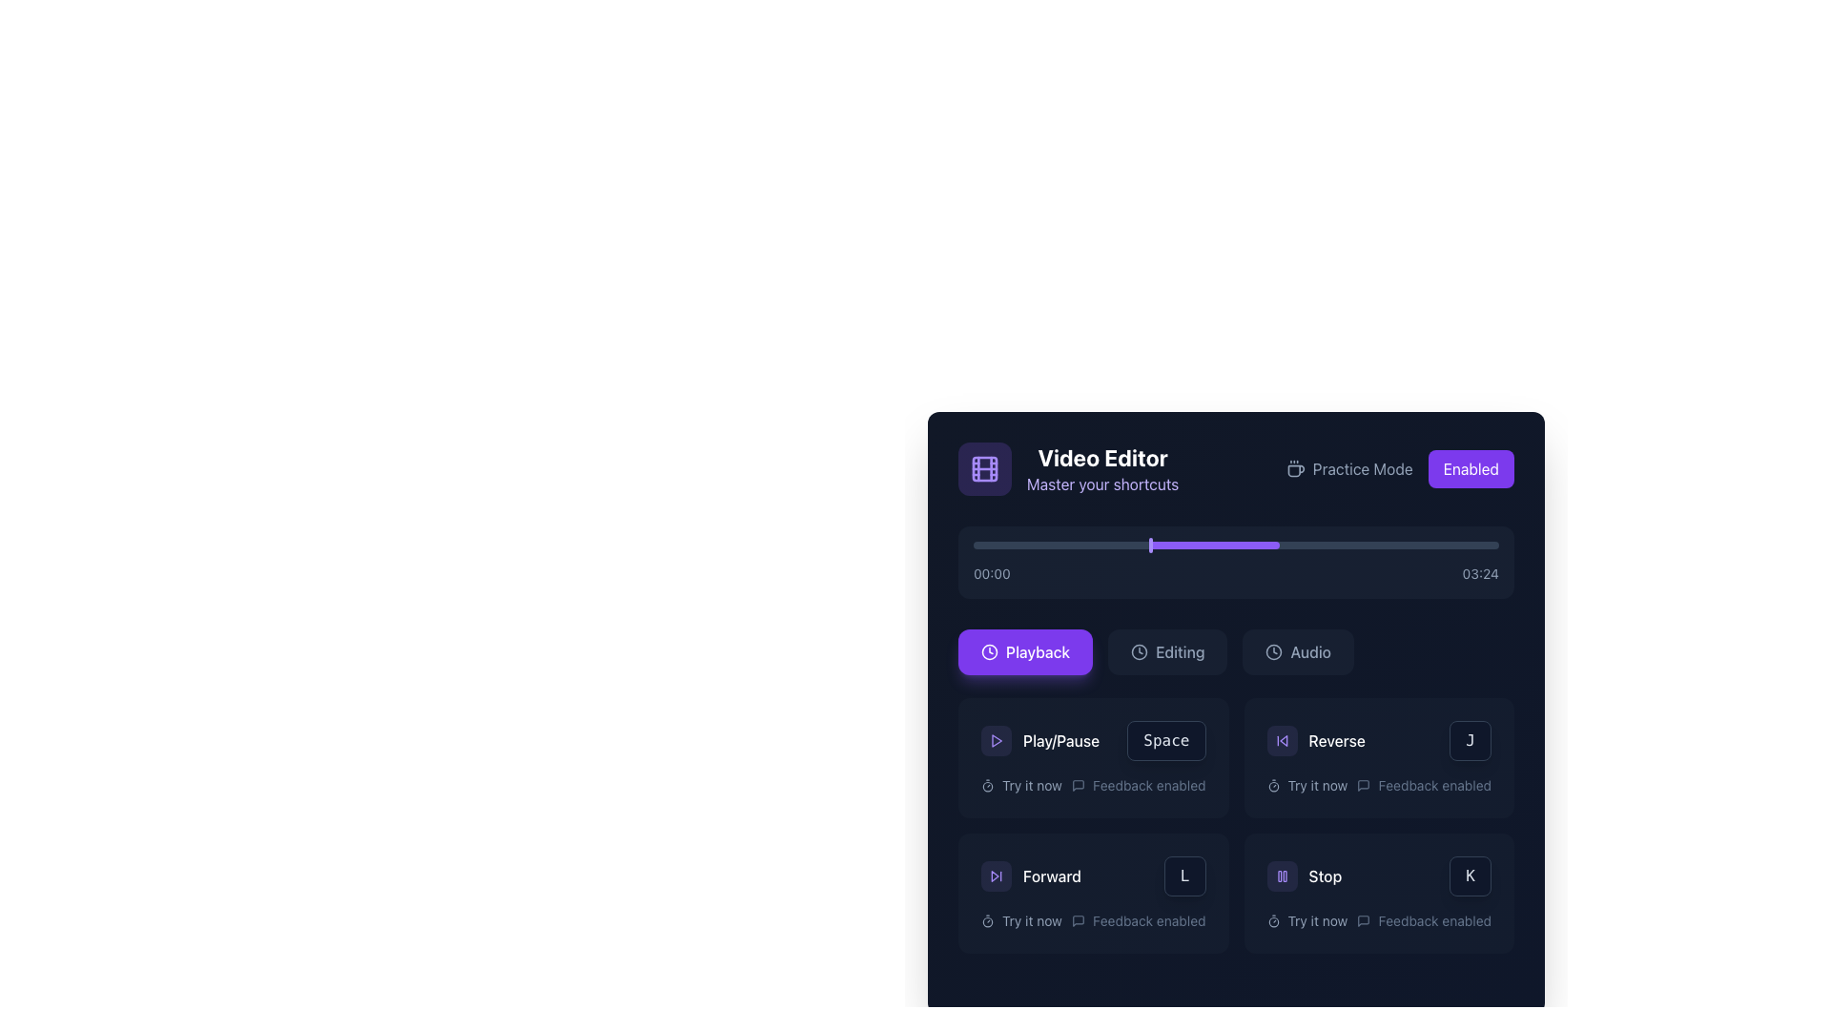 Image resolution: width=1831 pixels, height=1030 pixels. What do you see at coordinates (1363, 786) in the screenshot?
I see `the speech bubble icon in the SVG component styled with a thin, rounded outline and slate-gray color located in the top-left corner of the interface's main control panel` at bounding box center [1363, 786].